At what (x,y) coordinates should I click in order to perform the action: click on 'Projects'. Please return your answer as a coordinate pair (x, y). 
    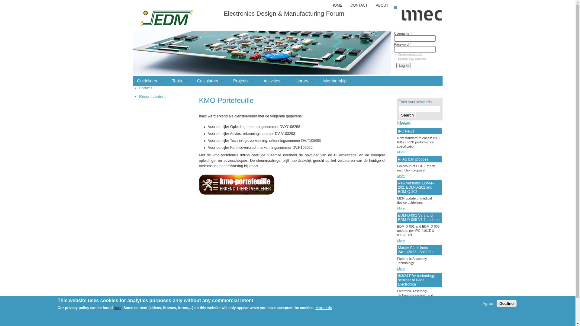
    Looking at the image, I should click on (243, 80).